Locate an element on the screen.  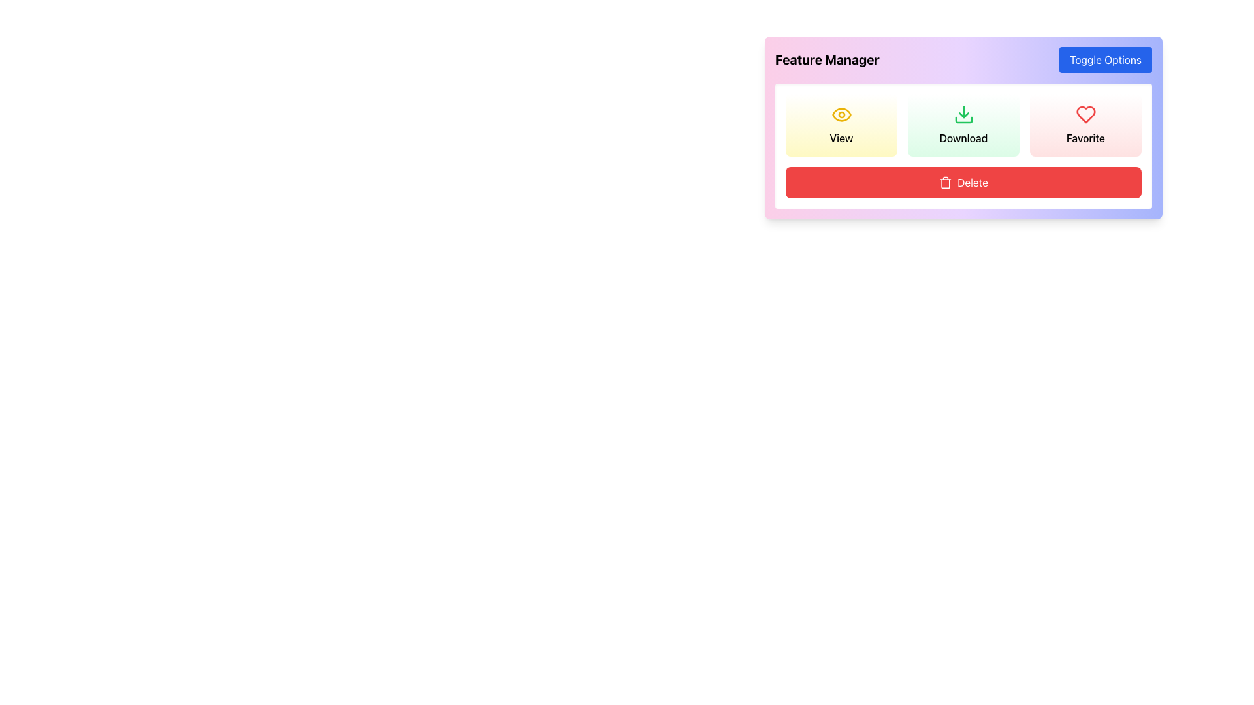
the icon in the 'View' section of the 'Feature Manager' interface, which represents an action related is located at coordinates (841, 114).